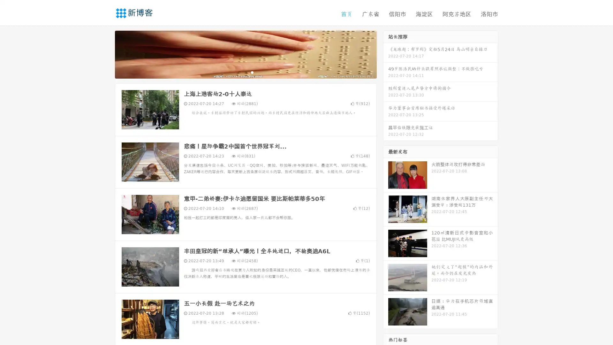 The image size is (613, 345). Describe the element at coordinates (245, 72) in the screenshot. I see `Go to slide 2` at that location.